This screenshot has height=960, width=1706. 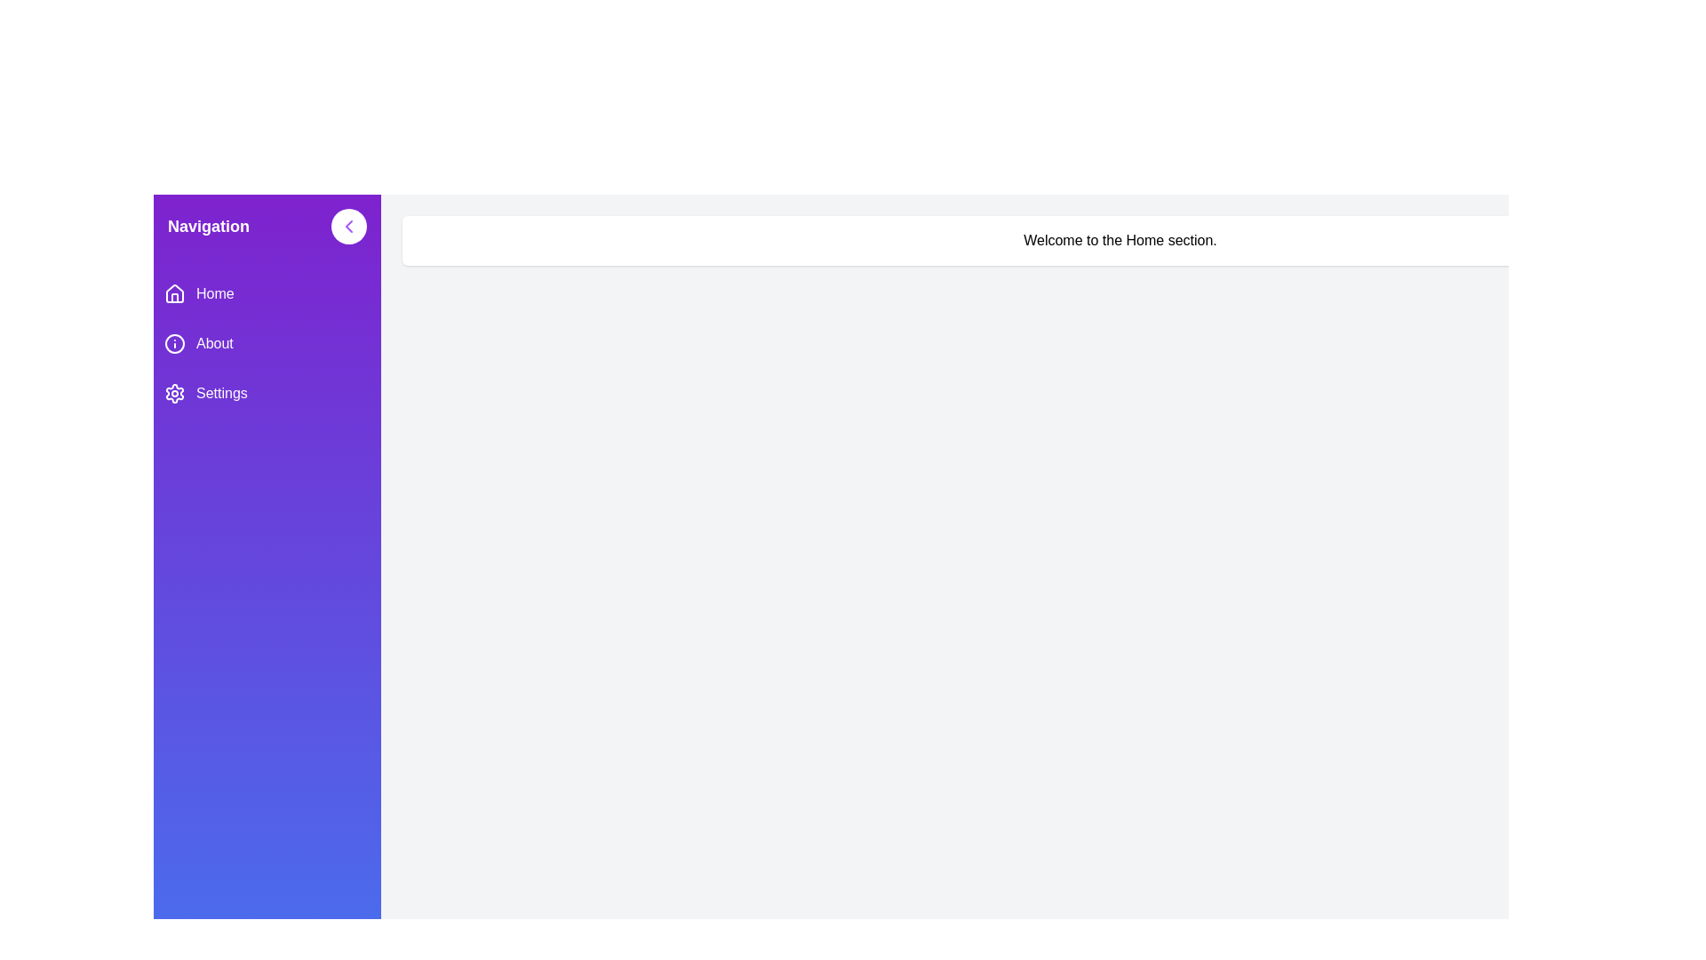 I want to click on the house icon located in the sidebar menu on the left, which is the first icon in a vertical arrangement of three icons (house, info, settings), so click(x=174, y=297).